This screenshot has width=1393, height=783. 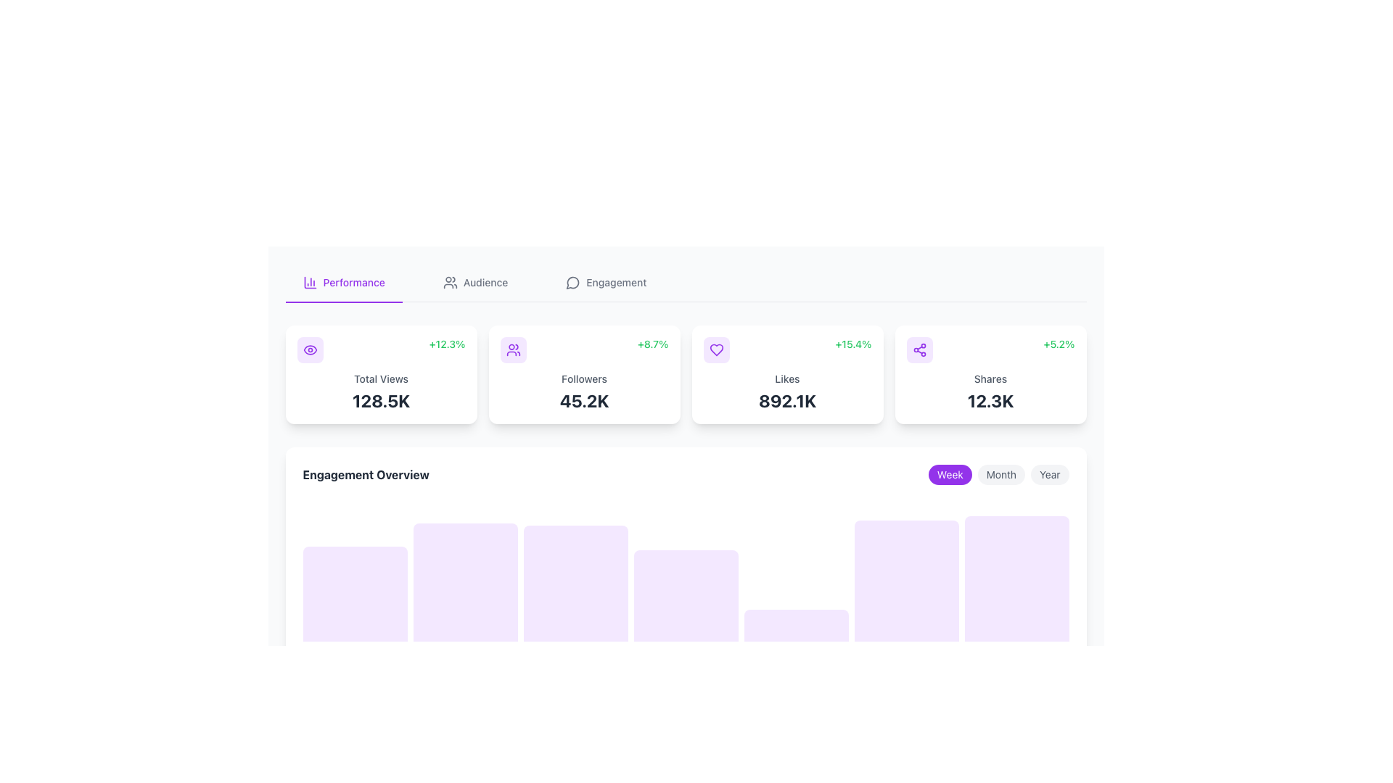 I want to click on the text display that shows the number of followers, which is located in the 'Followers' card, centered below the label 'Followers', so click(x=584, y=400).